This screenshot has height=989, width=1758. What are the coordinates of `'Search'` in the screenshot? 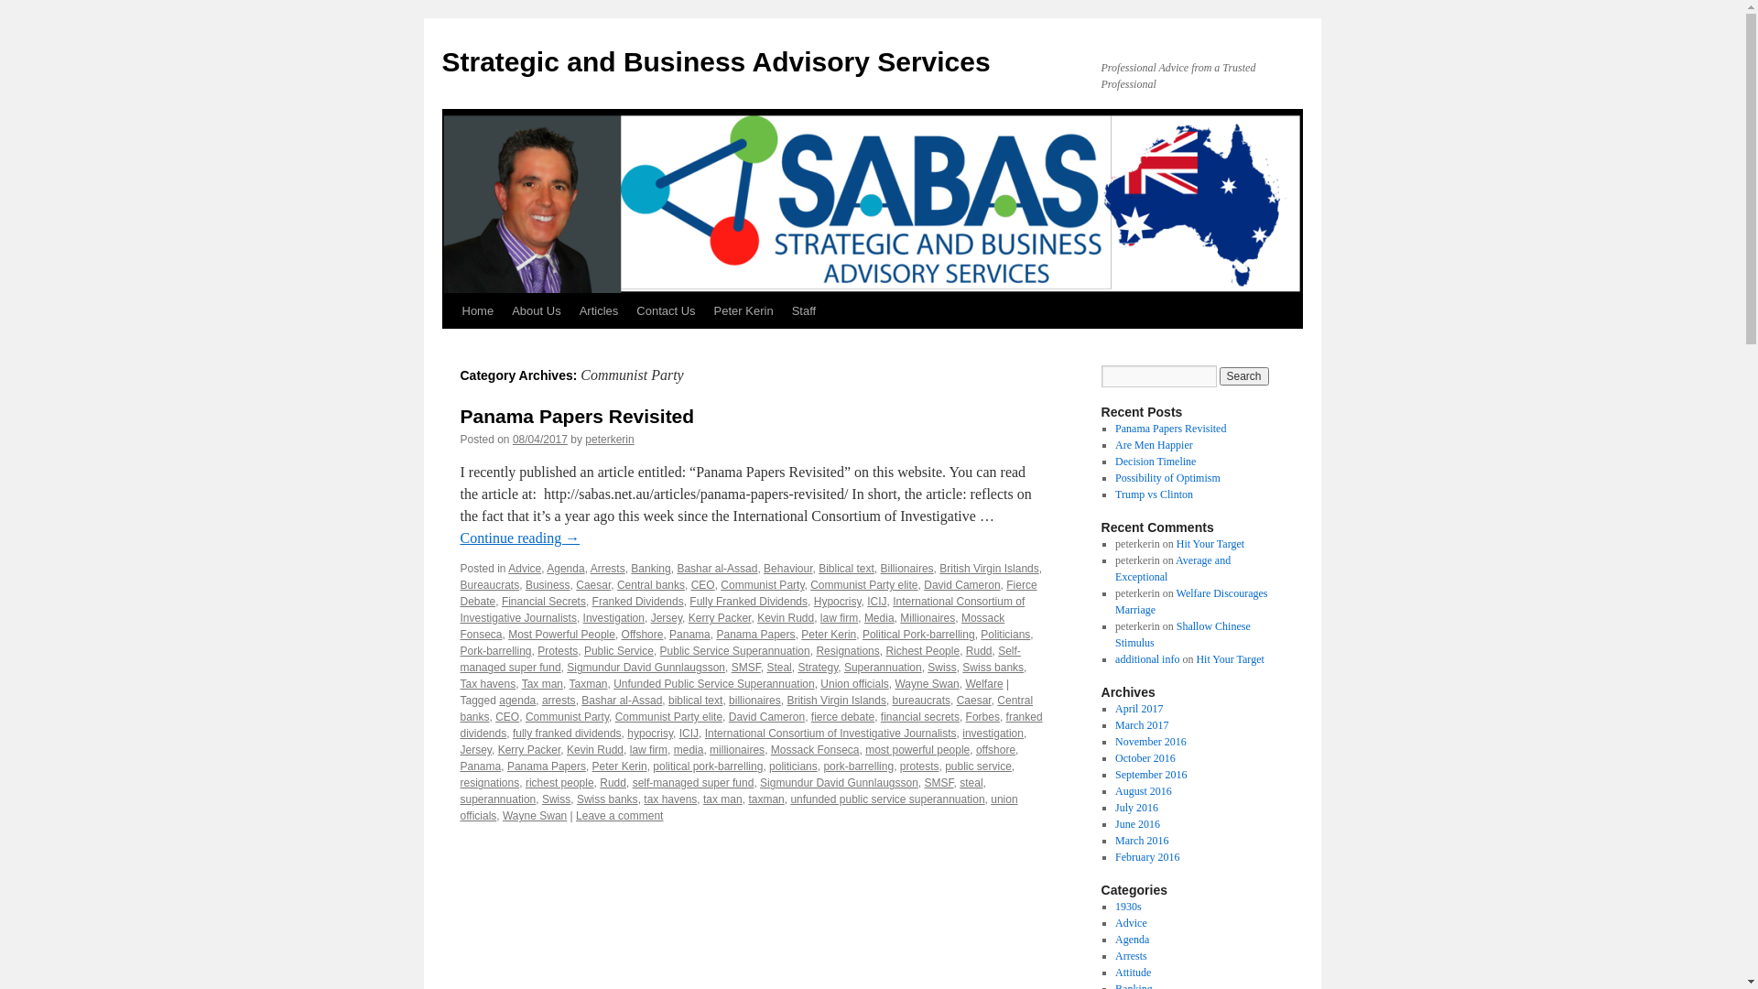 It's located at (1243, 375).